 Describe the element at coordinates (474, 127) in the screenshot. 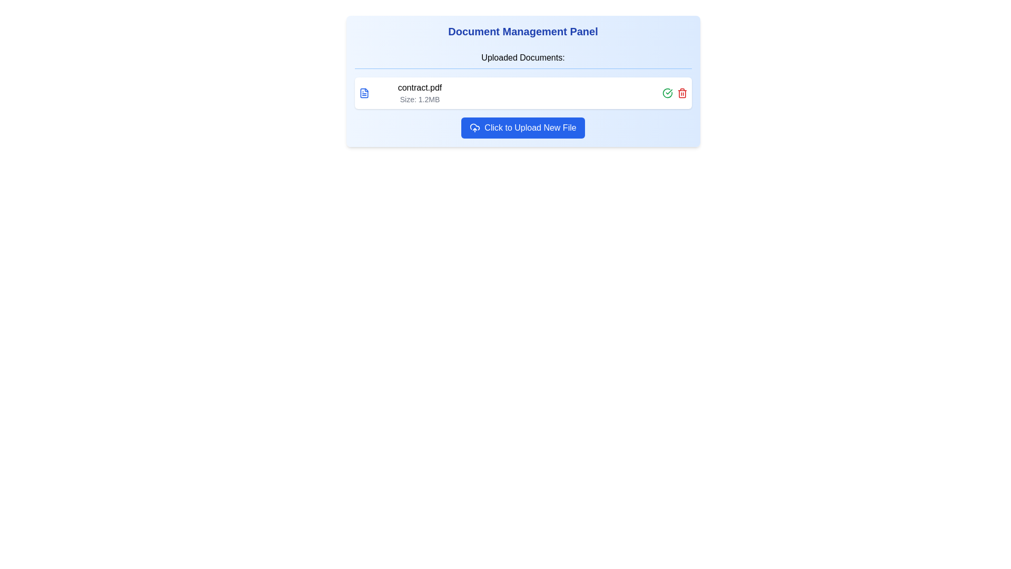

I see `the cloud upload icon, which is an SVG graphic with an upward arrow located next to the 'Click to Upload New File' button` at that location.